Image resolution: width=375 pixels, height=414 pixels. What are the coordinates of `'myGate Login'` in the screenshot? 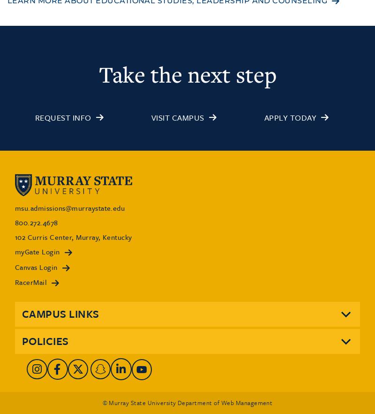 It's located at (37, 251).